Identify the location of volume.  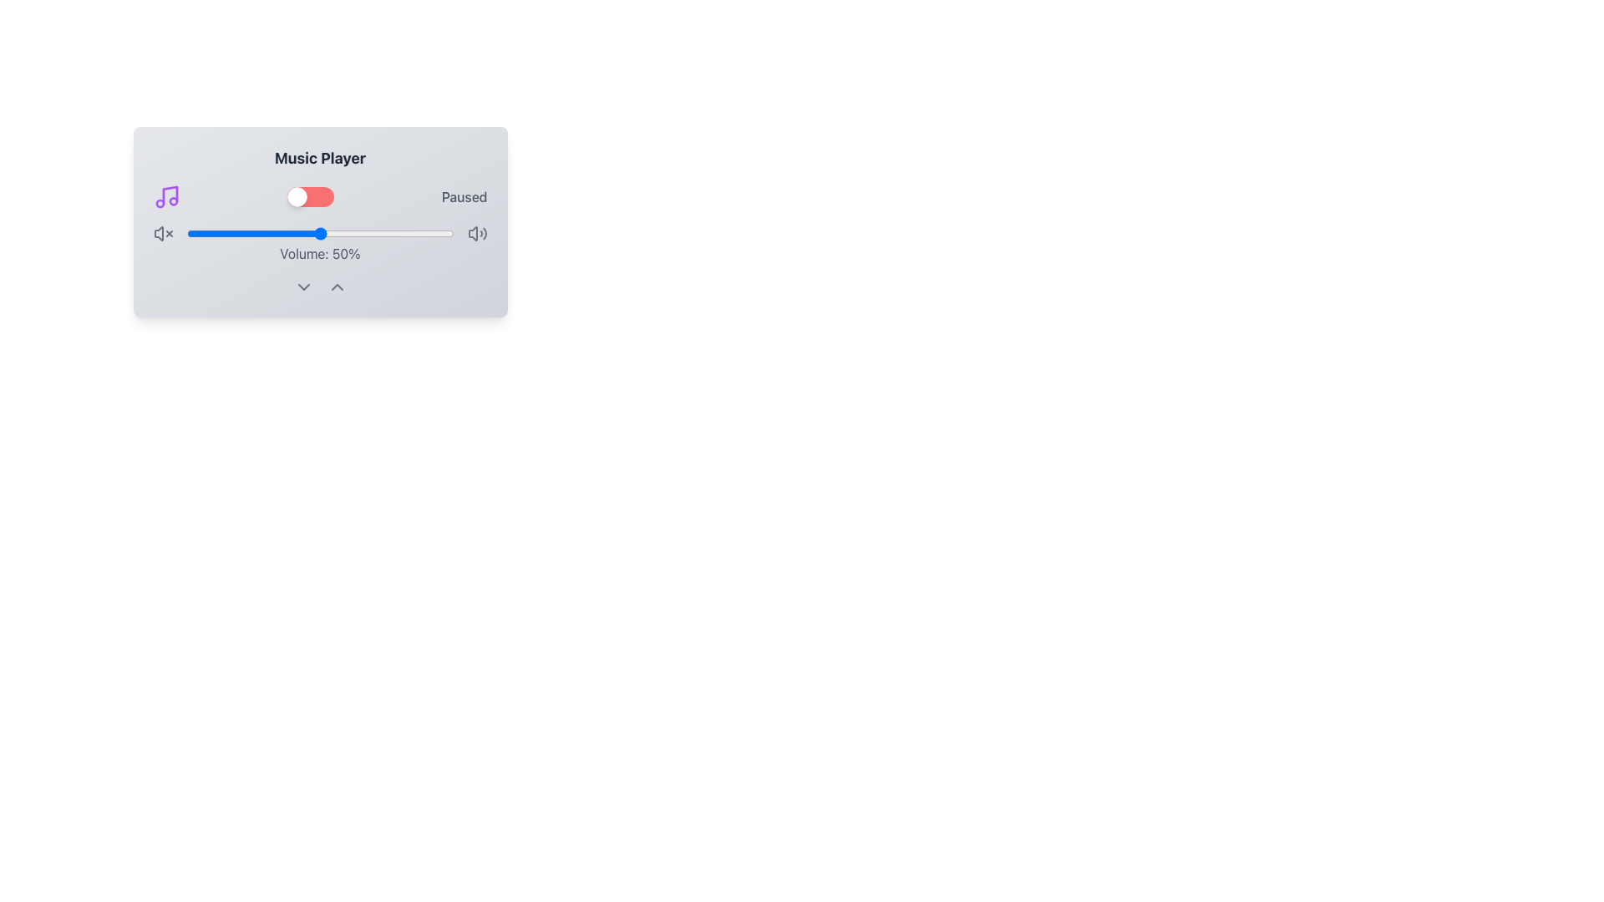
(364, 234).